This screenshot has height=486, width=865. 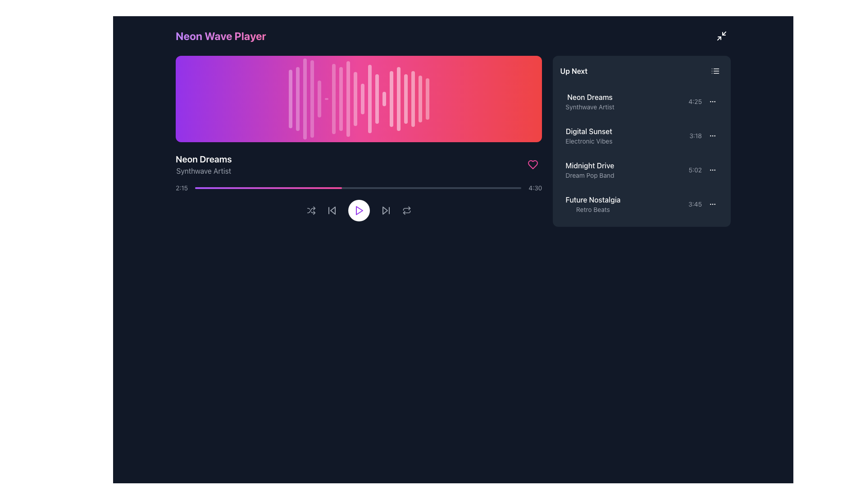 I want to click on playback position, so click(x=492, y=187).